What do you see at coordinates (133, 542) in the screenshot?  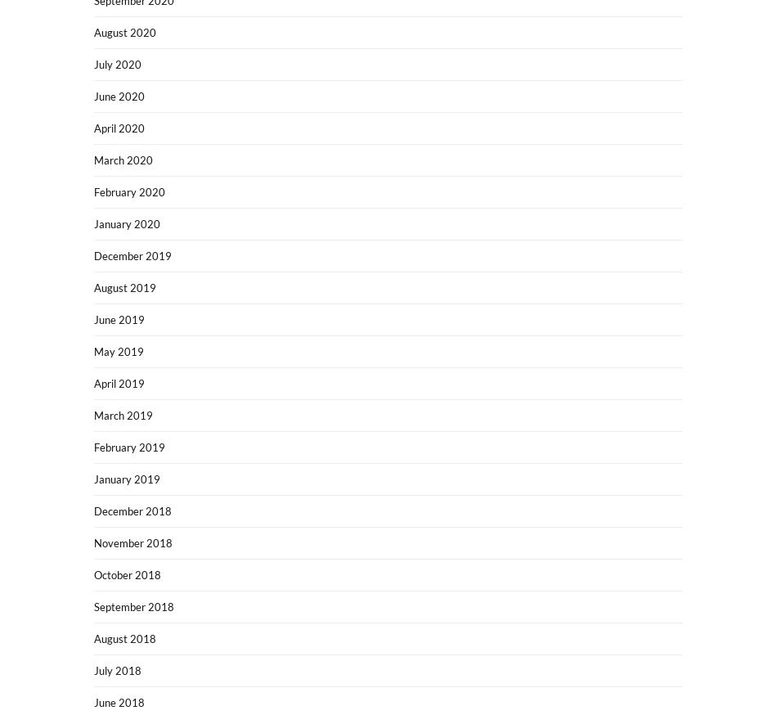 I see `'November 2018'` at bounding box center [133, 542].